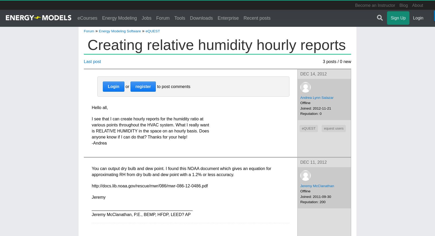 Image resolution: width=435 pixels, height=236 pixels. Describe the element at coordinates (309, 114) in the screenshot. I see `'Reputation'` at that location.